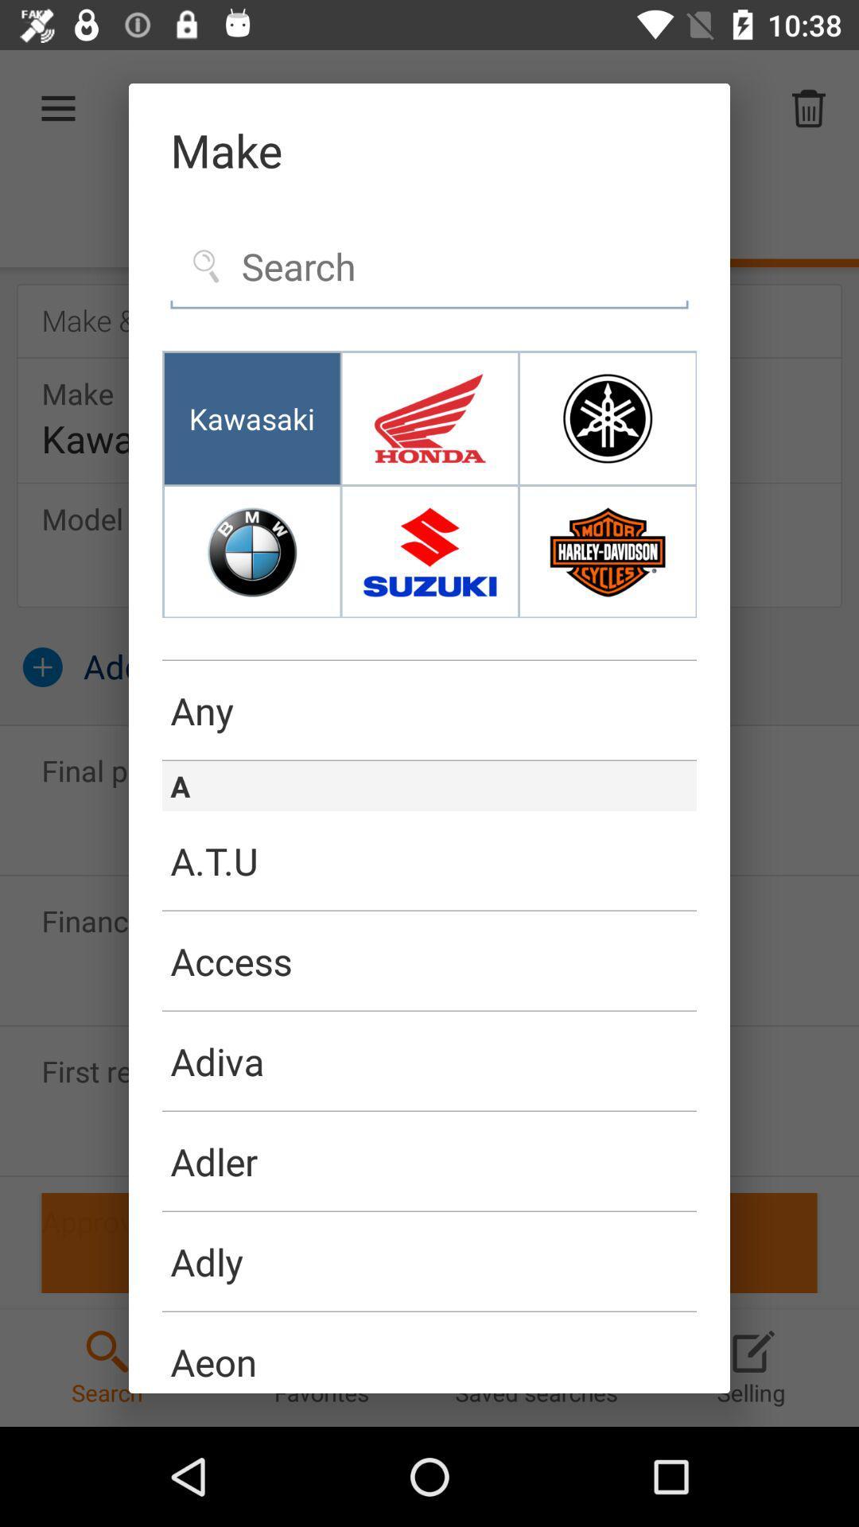 Image resolution: width=859 pixels, height=1527 pixels. I want to click on the item above aeon item, so click(429, 1311).